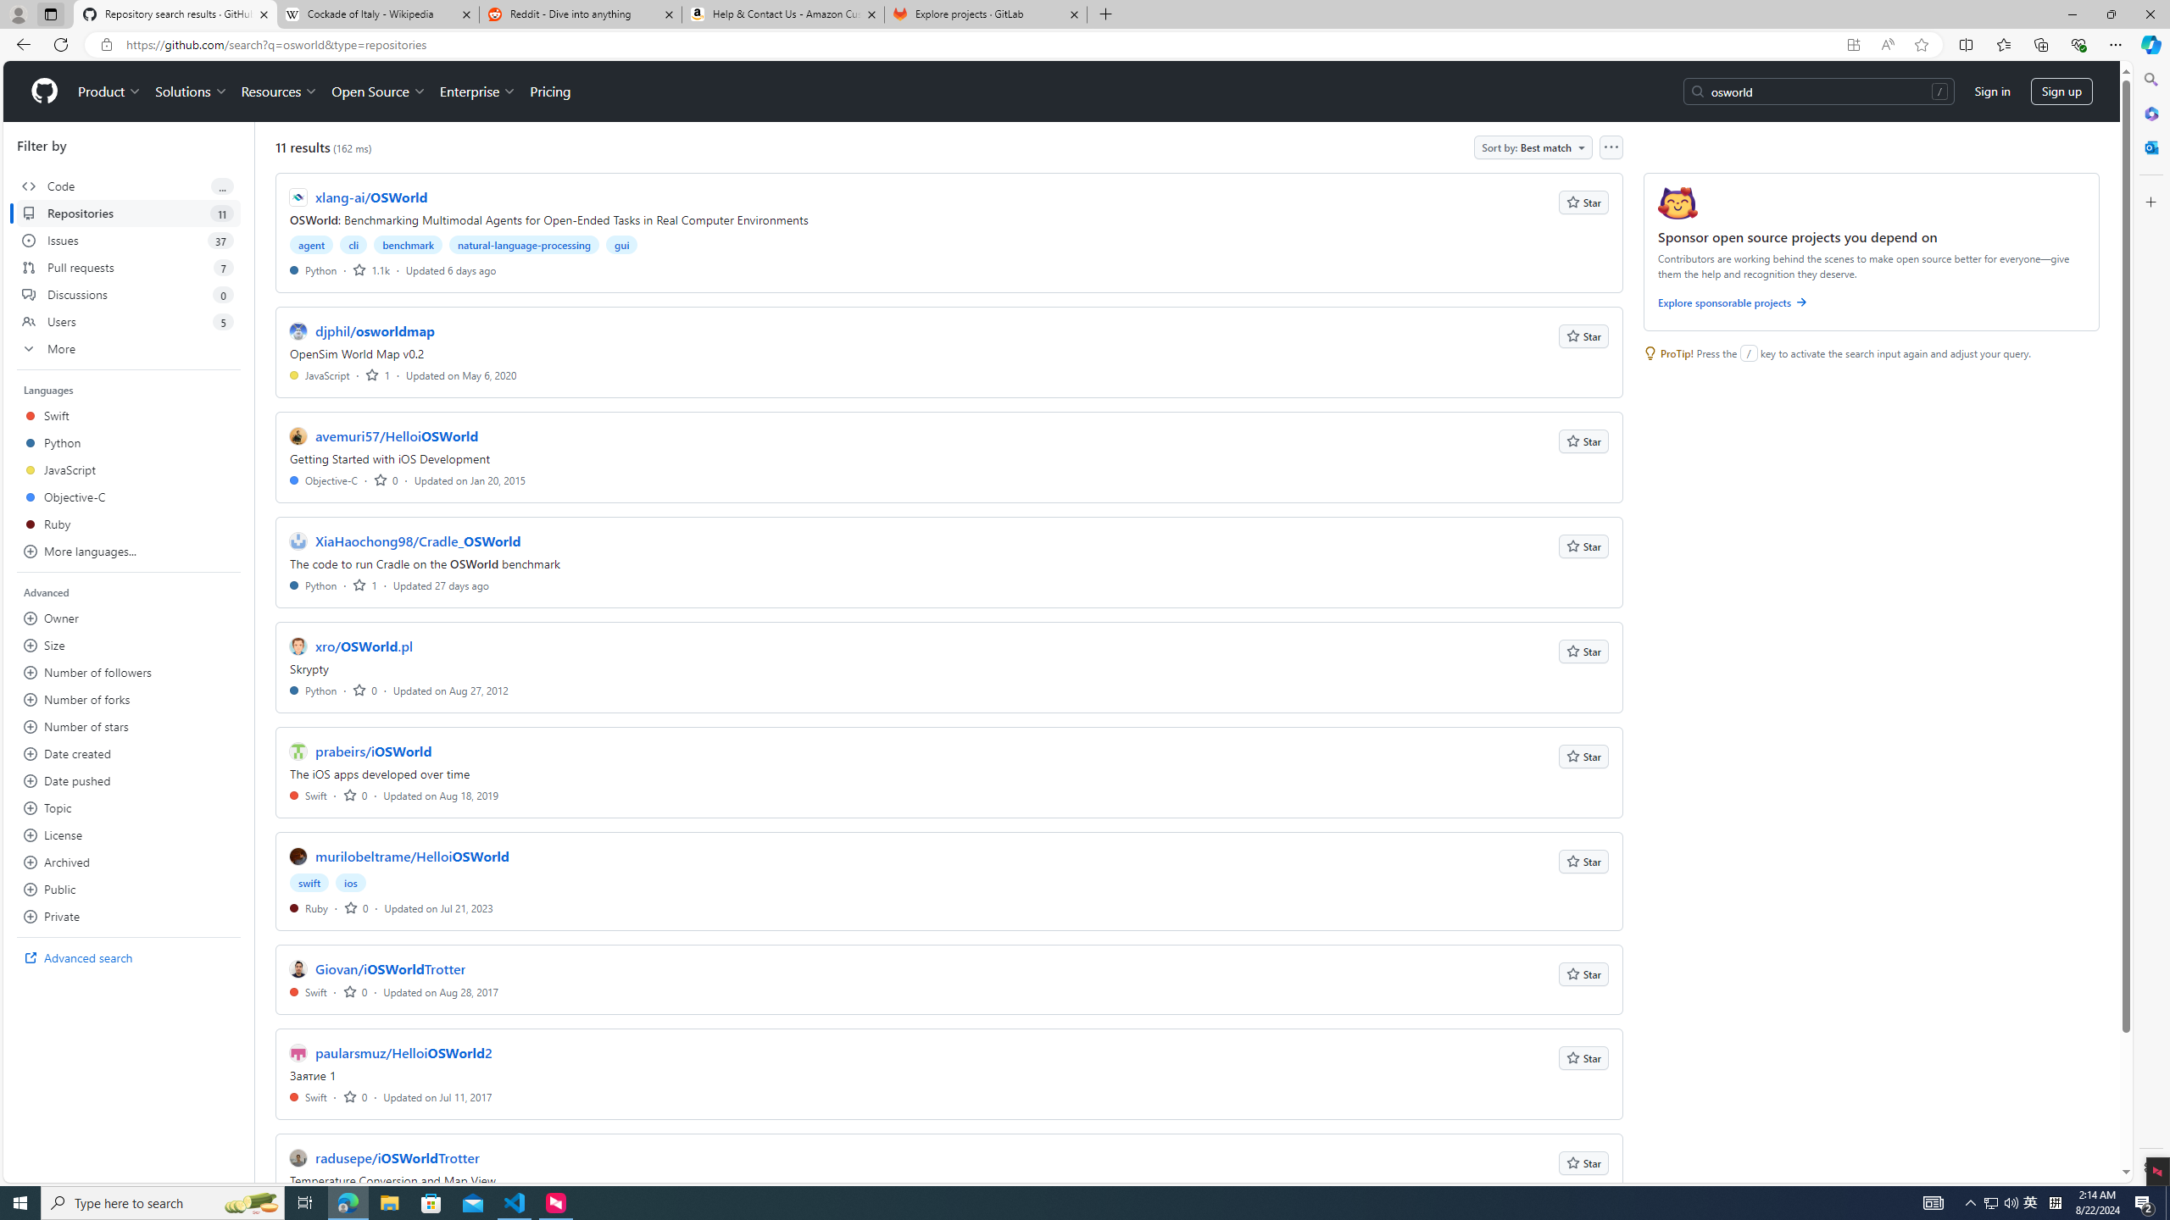 This screenshot has height=1220, width=2170. What do you see at coordinates (1993, 91) in the screenshot?
I see `'Sign in'` at bounding box center [1993, 91].